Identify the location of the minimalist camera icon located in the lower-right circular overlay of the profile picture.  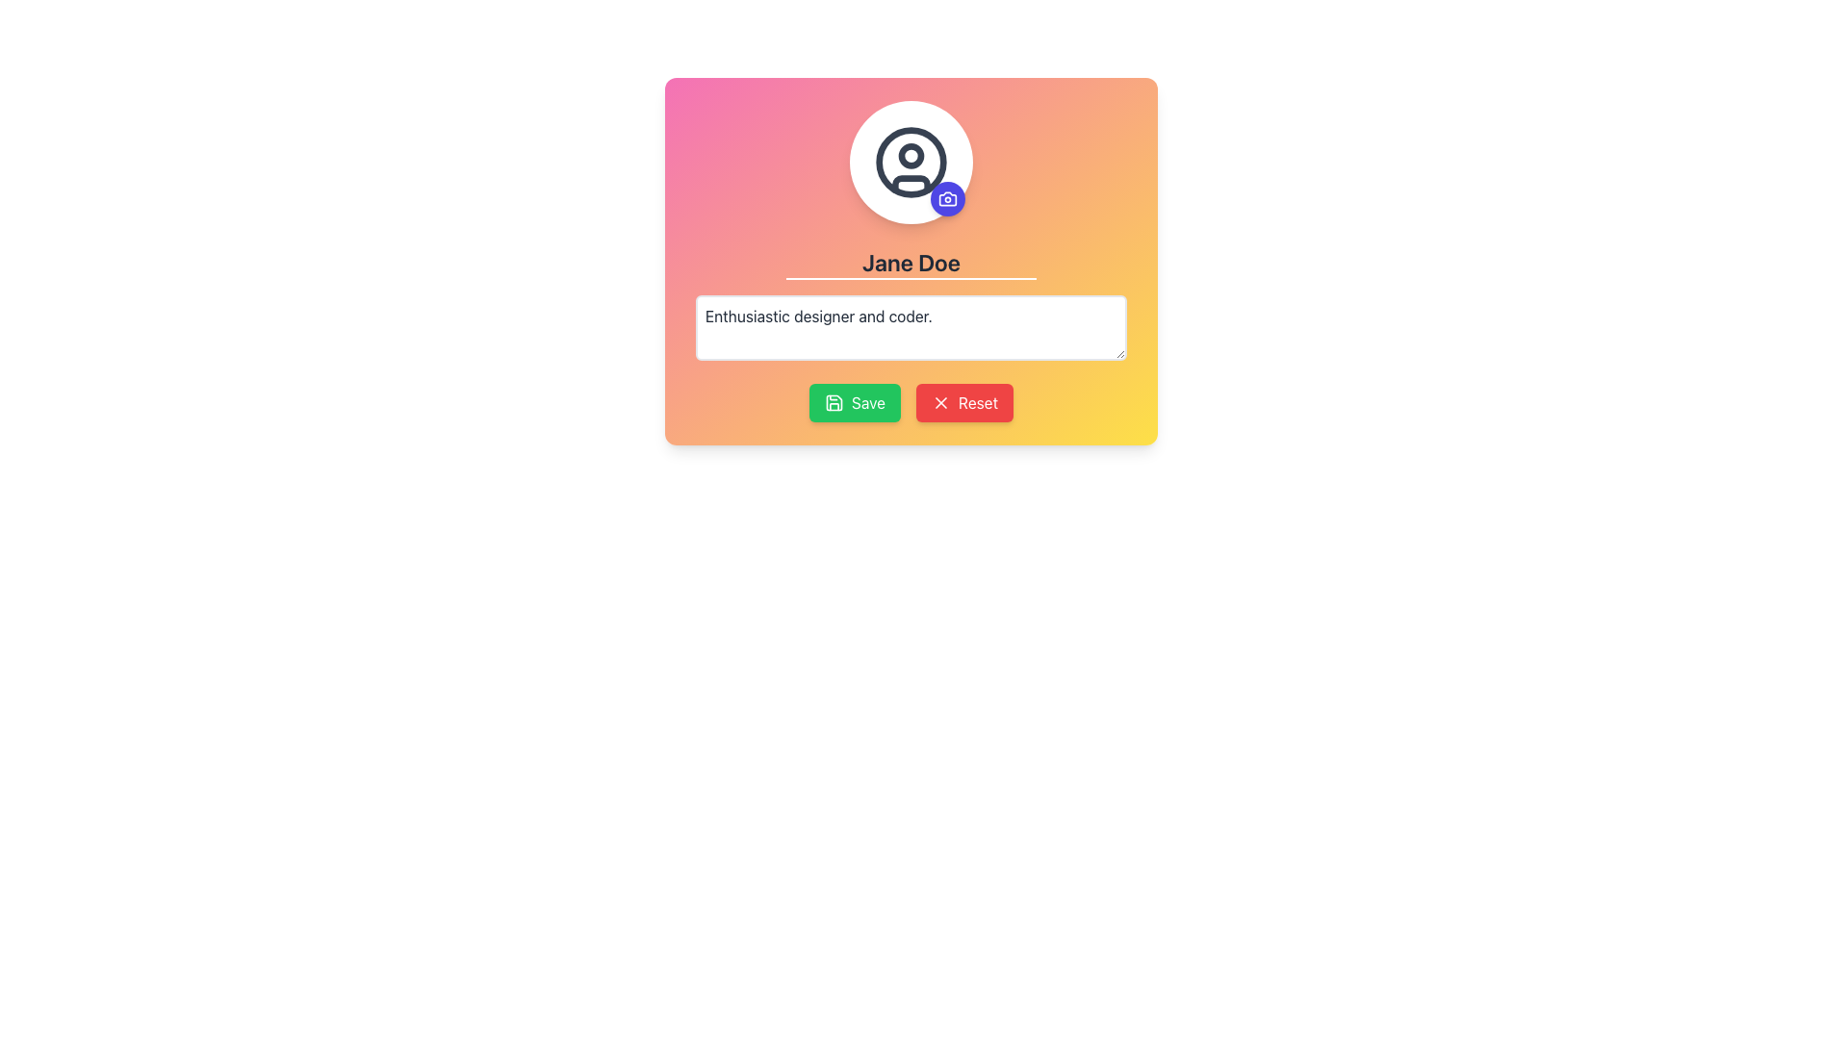
(947, 199).